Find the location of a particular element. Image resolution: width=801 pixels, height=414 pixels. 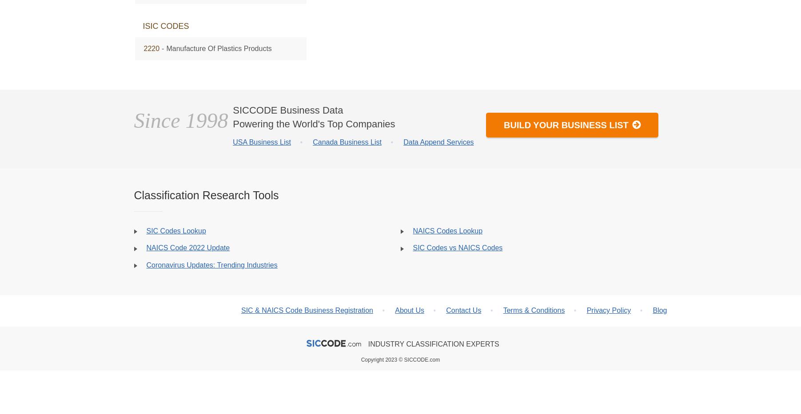

'Canada Business List' is located at coordinates (347, 141).